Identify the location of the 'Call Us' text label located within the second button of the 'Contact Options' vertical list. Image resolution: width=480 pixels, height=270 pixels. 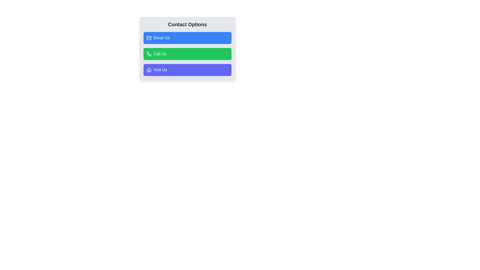
(159, 54).